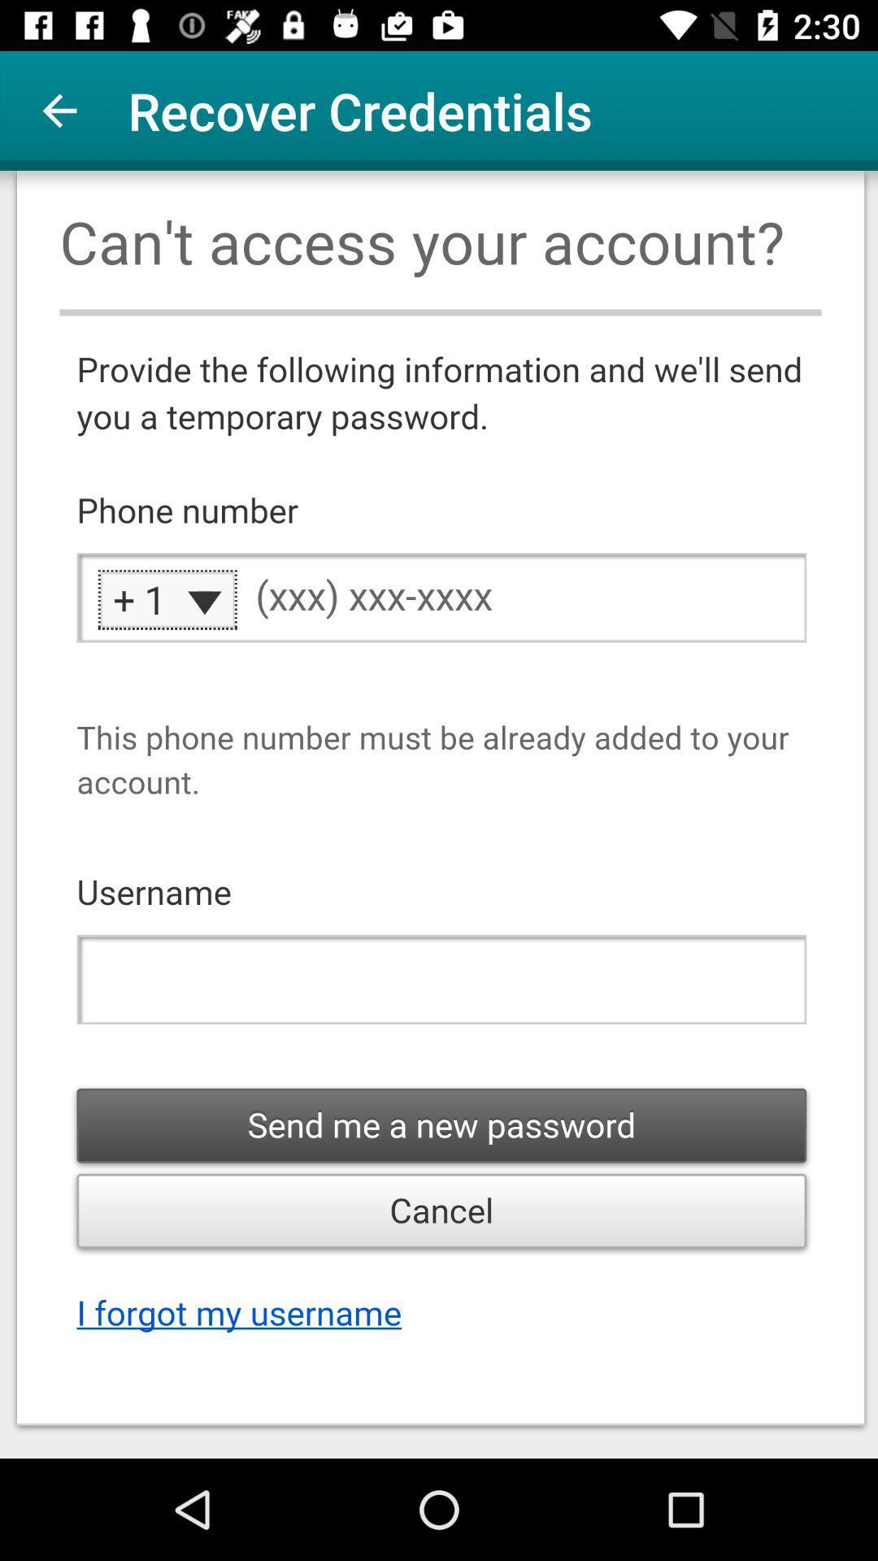 Image resolution: width=878 pixels, height=1561 pixels. I want to click on options to access account, so click(439, 815).